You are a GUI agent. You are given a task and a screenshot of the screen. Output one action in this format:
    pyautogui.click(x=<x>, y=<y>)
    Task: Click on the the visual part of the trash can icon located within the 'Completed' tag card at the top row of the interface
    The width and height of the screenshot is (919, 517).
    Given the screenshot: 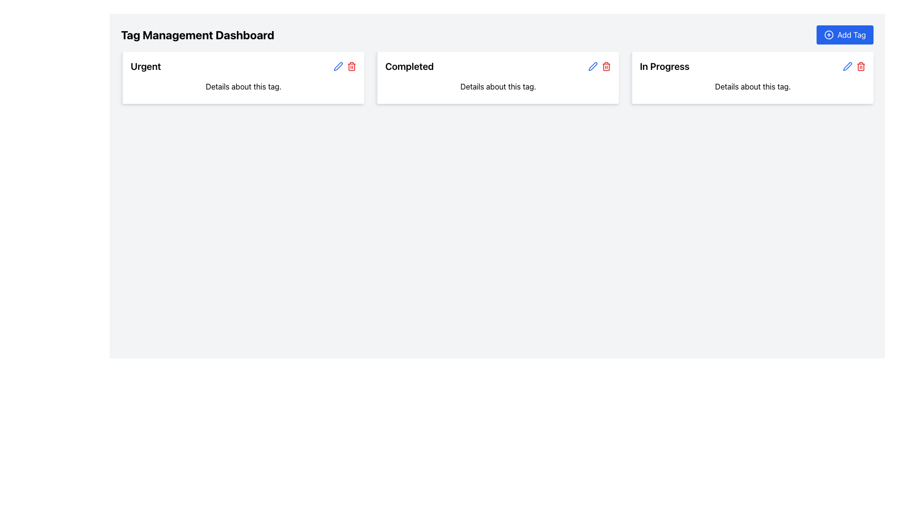 What is the action you would take?
    pyautogui.click(x=606, y=66)
    